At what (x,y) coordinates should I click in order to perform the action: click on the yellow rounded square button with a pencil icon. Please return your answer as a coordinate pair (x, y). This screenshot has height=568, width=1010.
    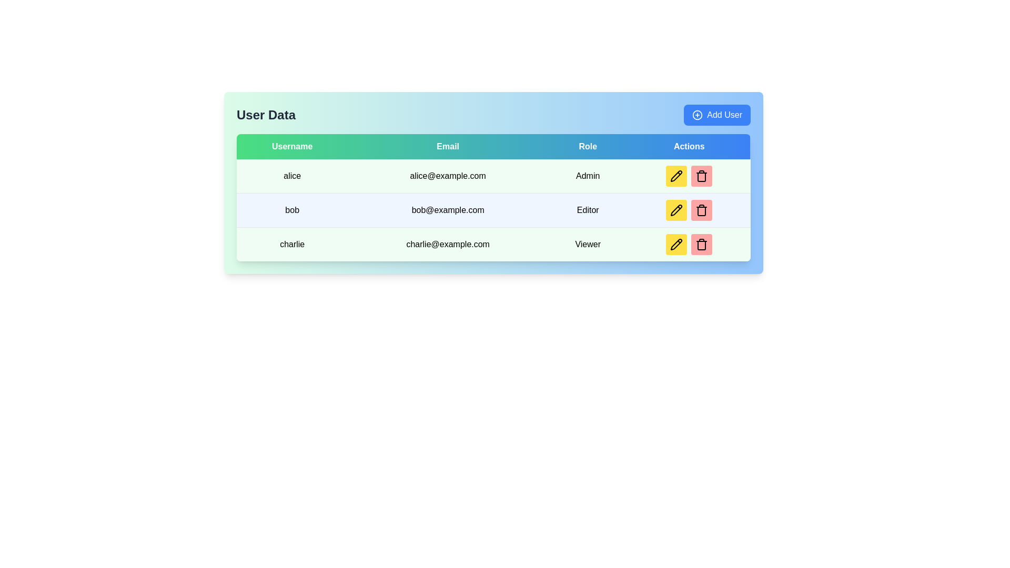
    Looking at the image, I should click on (676, 245).